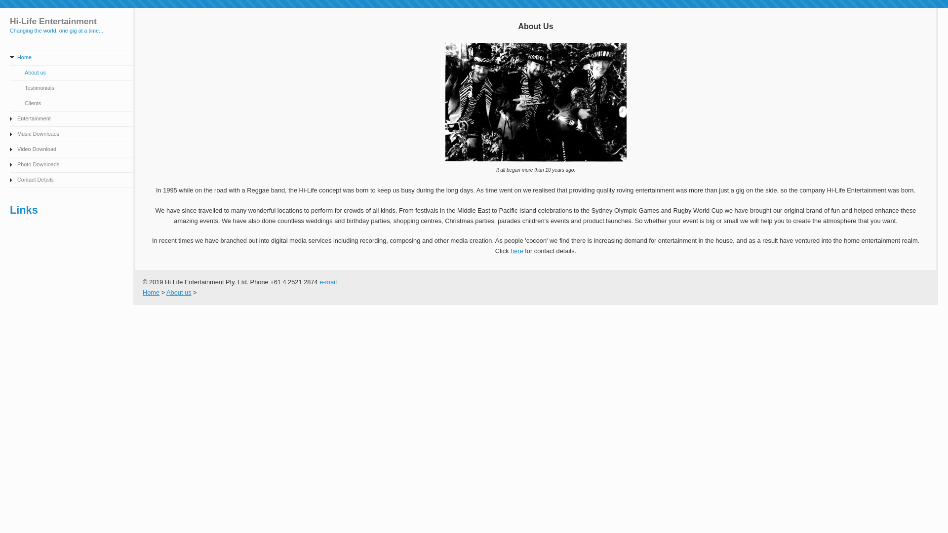 This screenshot has width=948, height=533. I want to click on 'here', so click(516, 250).